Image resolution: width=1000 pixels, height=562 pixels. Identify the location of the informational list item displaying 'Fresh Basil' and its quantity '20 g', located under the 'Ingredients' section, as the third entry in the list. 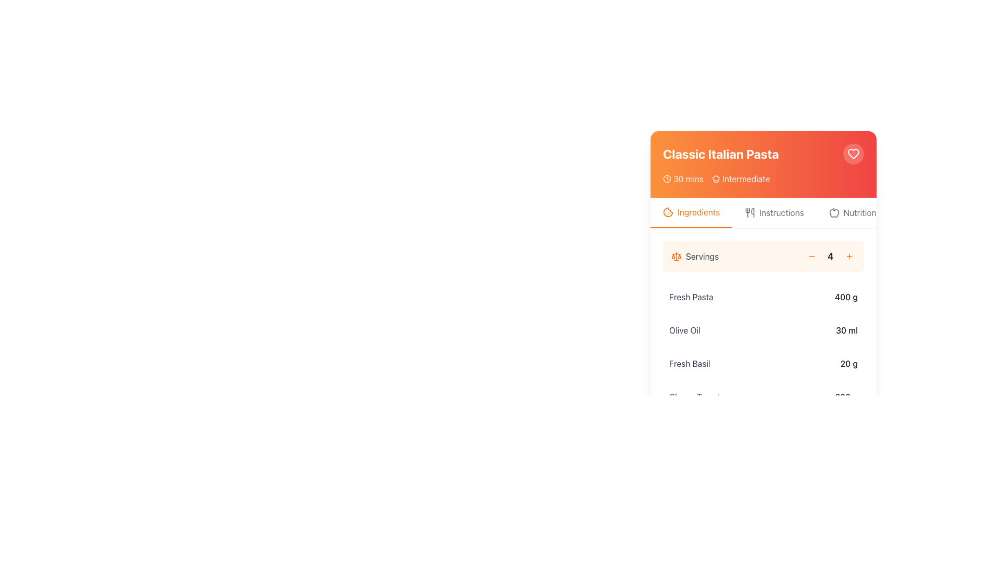
(763, 363).